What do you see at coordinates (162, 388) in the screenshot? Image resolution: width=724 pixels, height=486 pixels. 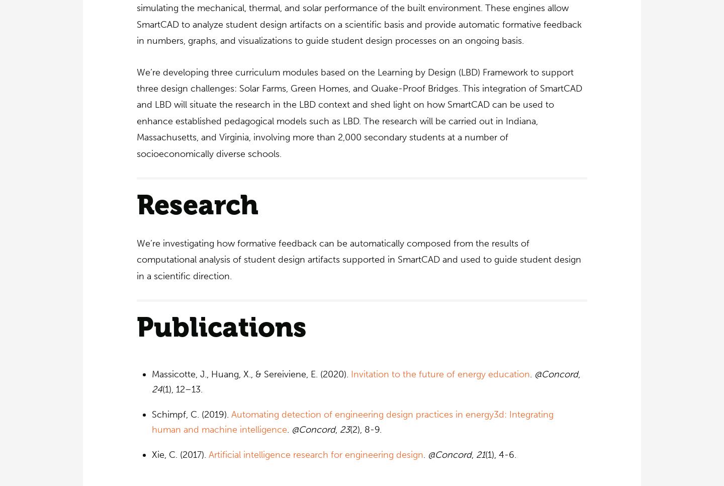 I see `'(1), 12–13.'` at bounding box center [162, 388].